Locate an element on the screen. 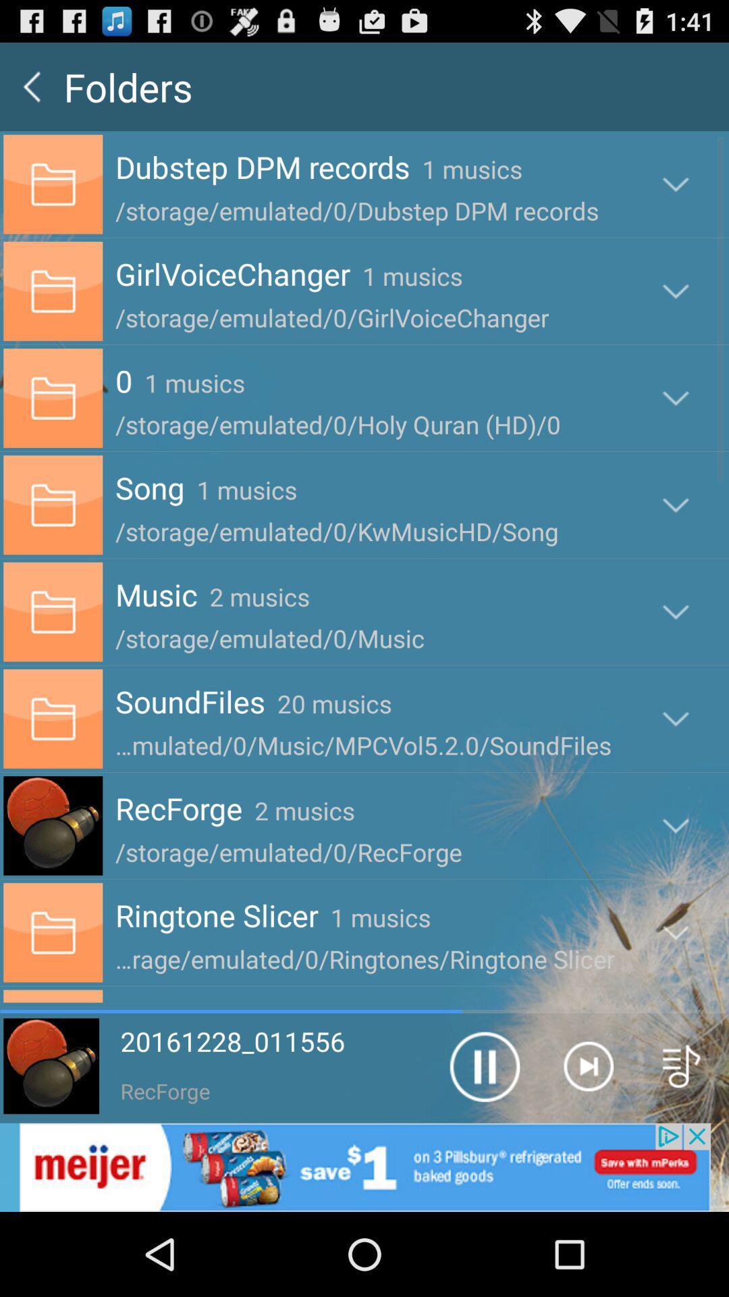 The image size is (729, 1297). the arrow_backward icon is located at coordinates (31, 92).